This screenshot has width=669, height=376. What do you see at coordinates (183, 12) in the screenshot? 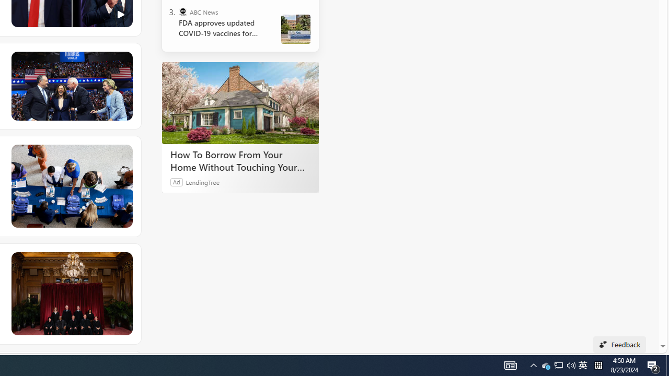
I see `'ABC News'` at bounding box center [183, 12].